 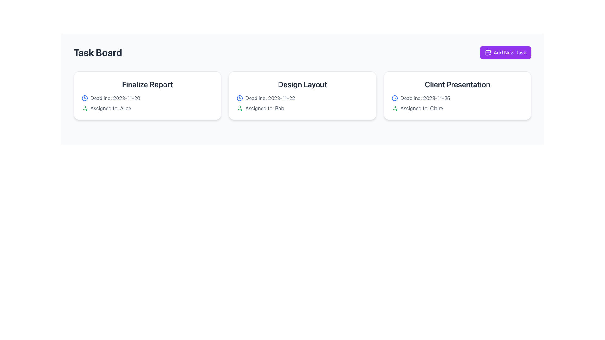 I want to click on the static text UI component displaying the deadline date for a task, located within the 'Client Presentation' card, which is the rightmost among its siblings, so click(x=425, y=98).